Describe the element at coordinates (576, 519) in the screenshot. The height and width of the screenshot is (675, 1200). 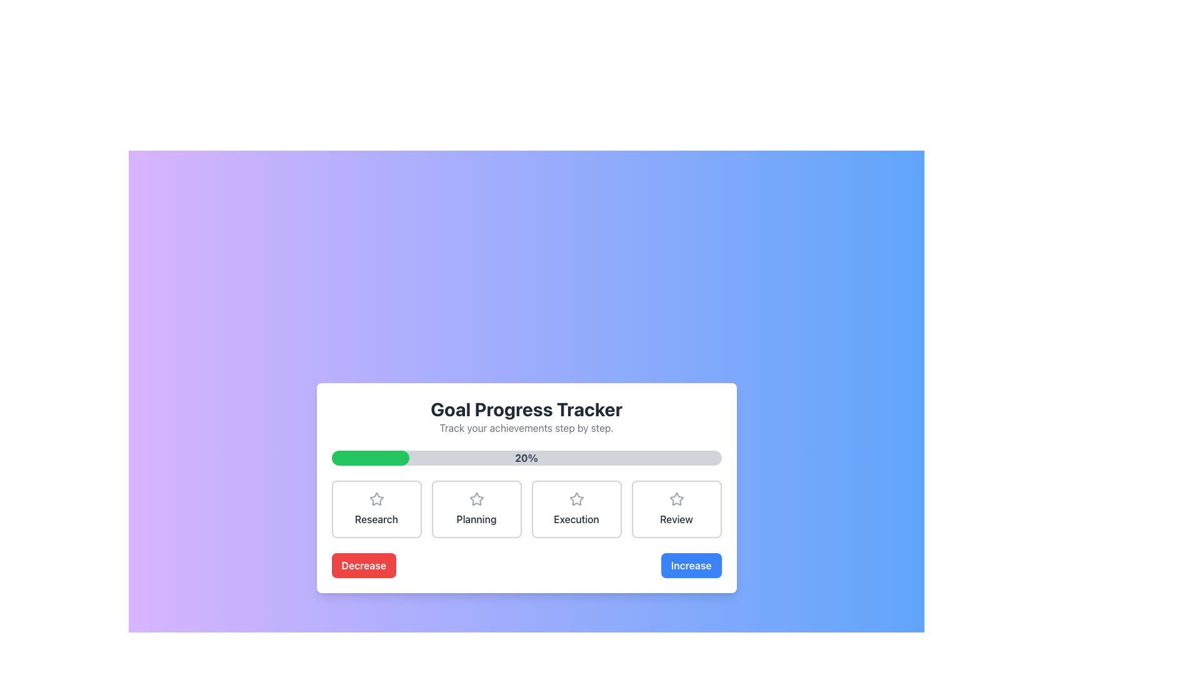
I see `the static text label indicating the 'Execution' step, which is located at the bottom of the visual block and is horizontally centered beneath a star icon` at that location.